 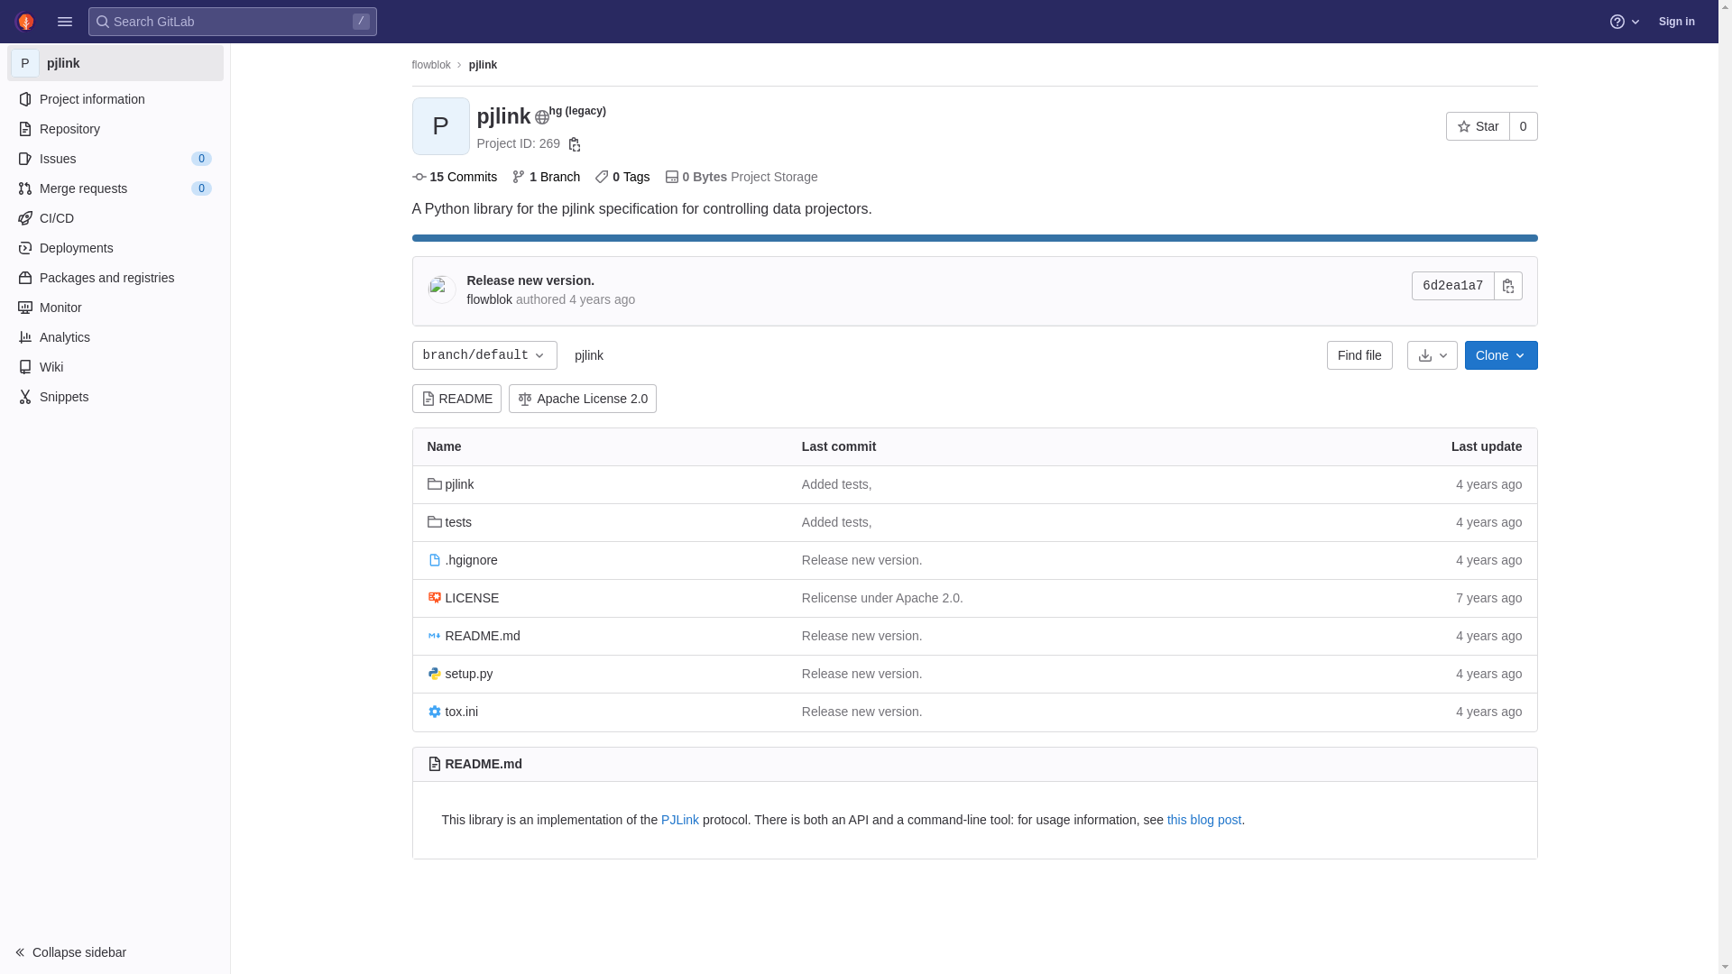 What do you see at coordinates (427, 598) in the screenshot?
I see `'LICENSE'` at bounding box center [427, 598].